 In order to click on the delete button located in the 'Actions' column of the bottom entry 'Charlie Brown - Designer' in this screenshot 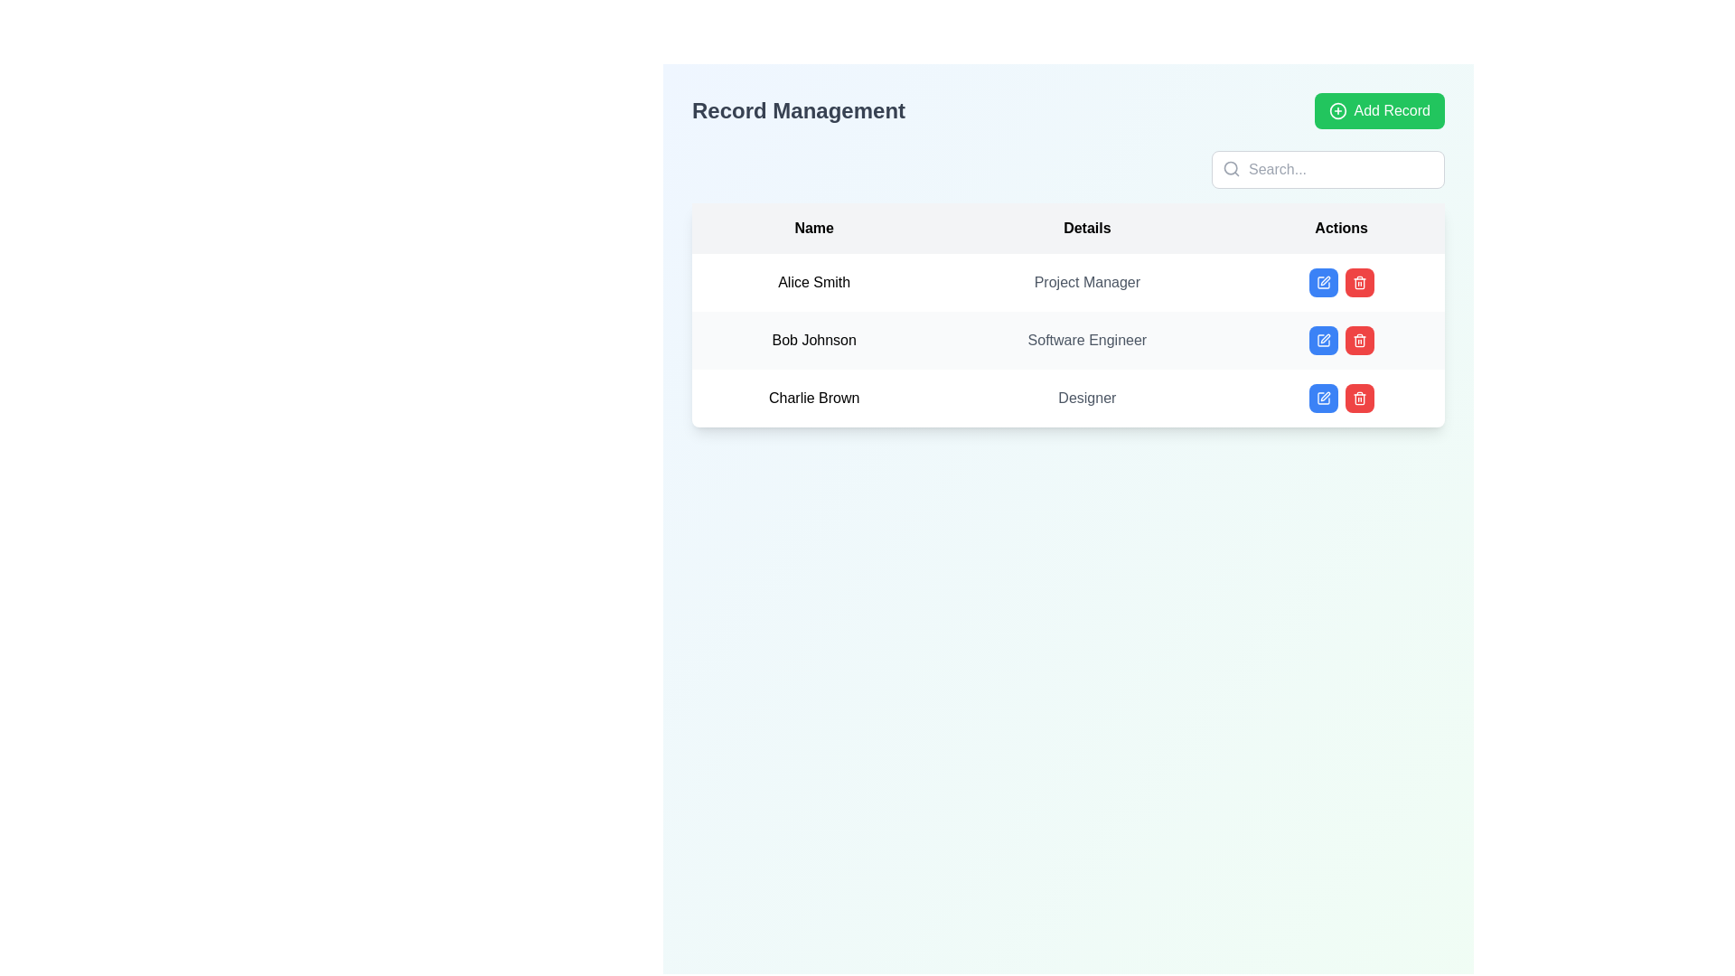, I will do `click(1359, 397)`.